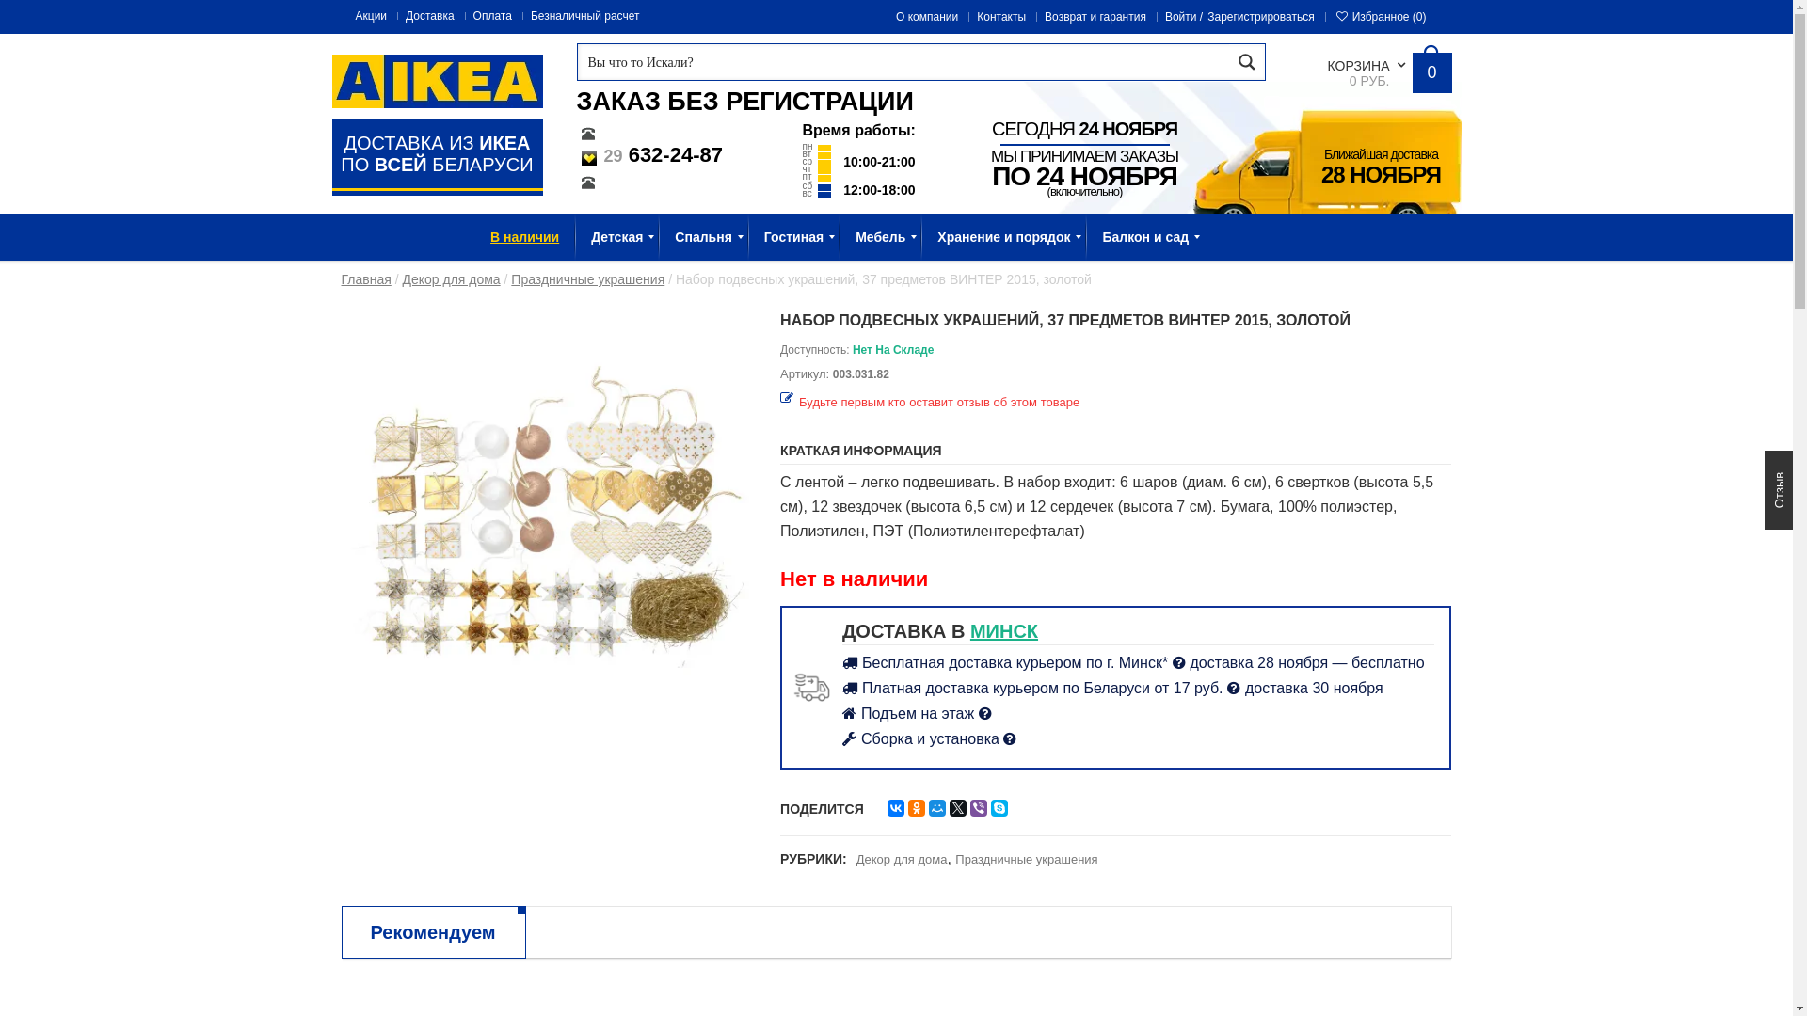 This screenshot has width=1807, height=1016. I want to click on 'Skype', so click(998, 807).